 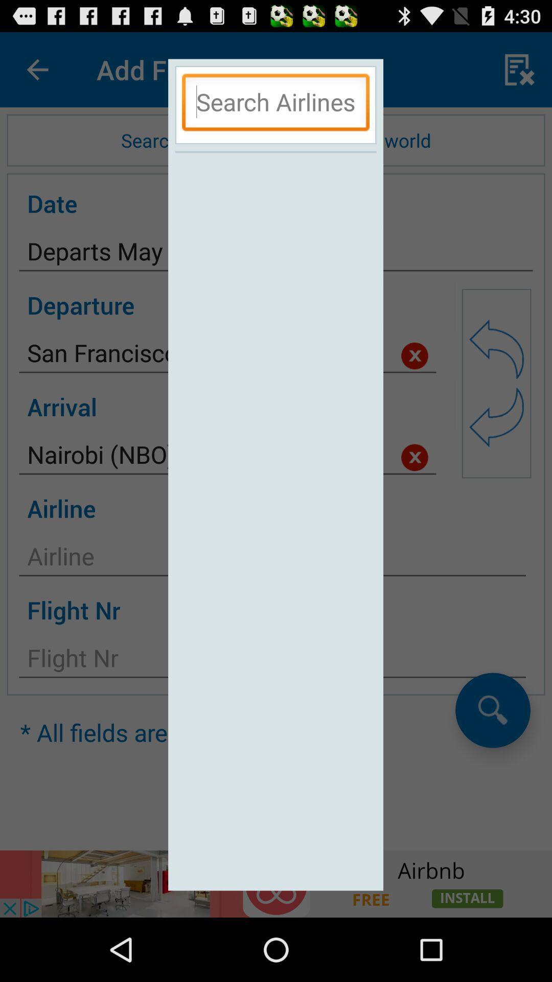 I want to click on text box airline search, so click(x=275, y=105).